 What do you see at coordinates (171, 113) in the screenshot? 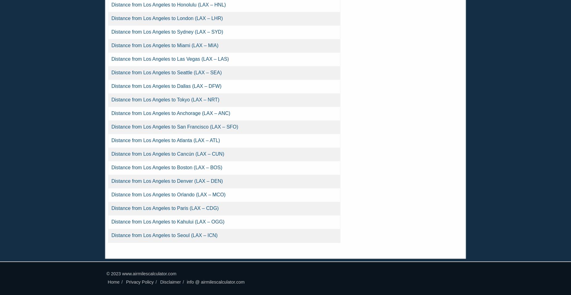
I see `'Distance from Los Angeles to Anchorage (LAX – ANC)'` at bounding box center [171, 113].